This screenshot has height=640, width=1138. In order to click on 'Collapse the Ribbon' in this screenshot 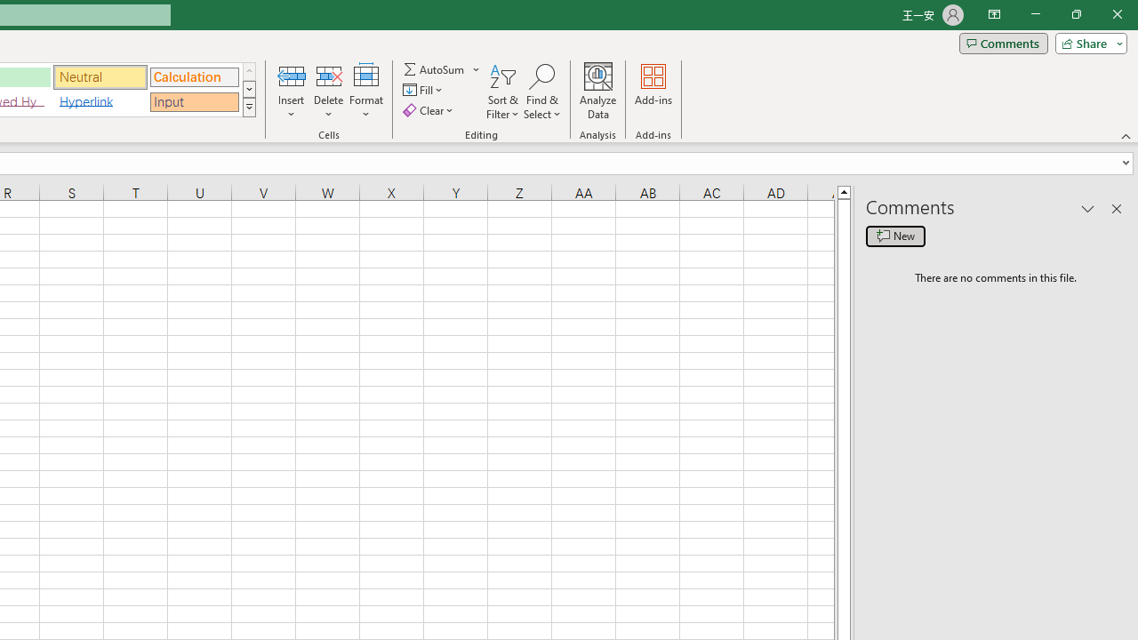, I will do `click(1126, 135)`.